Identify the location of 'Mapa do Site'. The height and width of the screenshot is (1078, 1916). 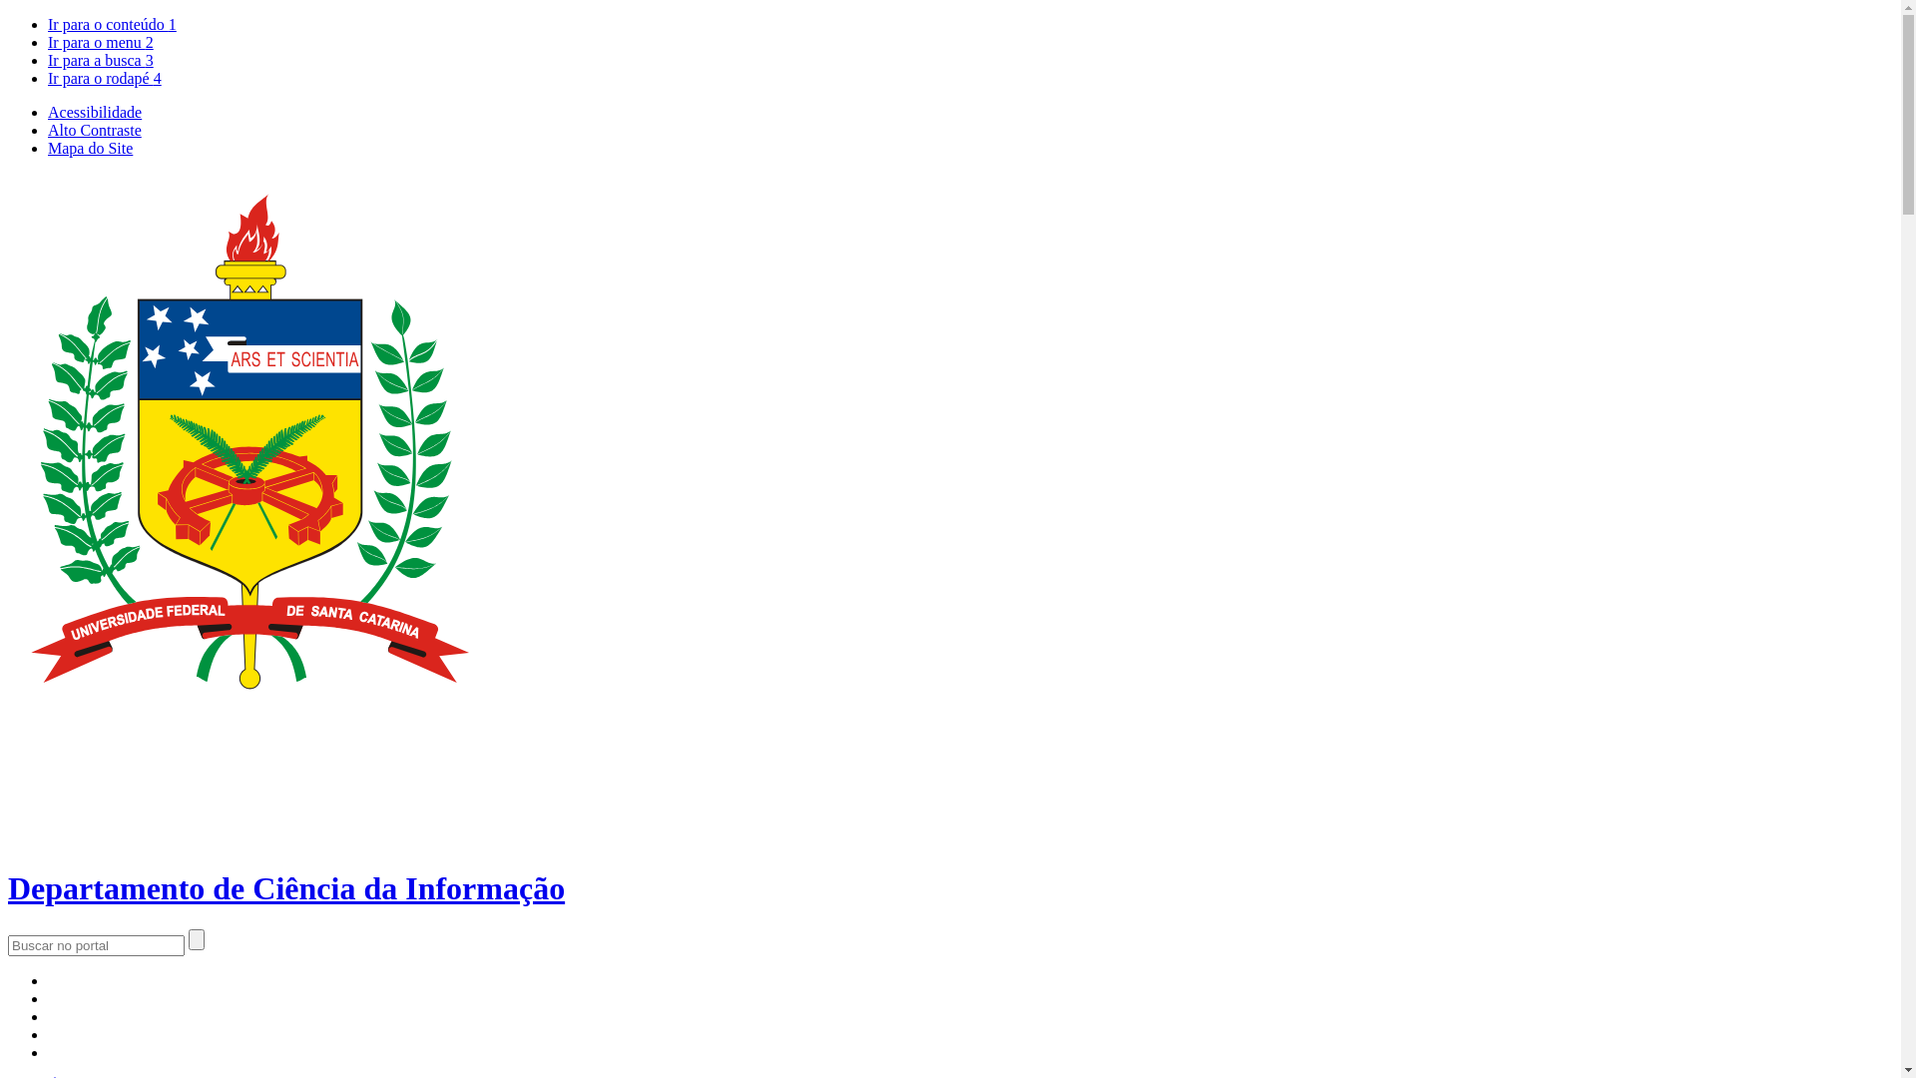
(48, 147).